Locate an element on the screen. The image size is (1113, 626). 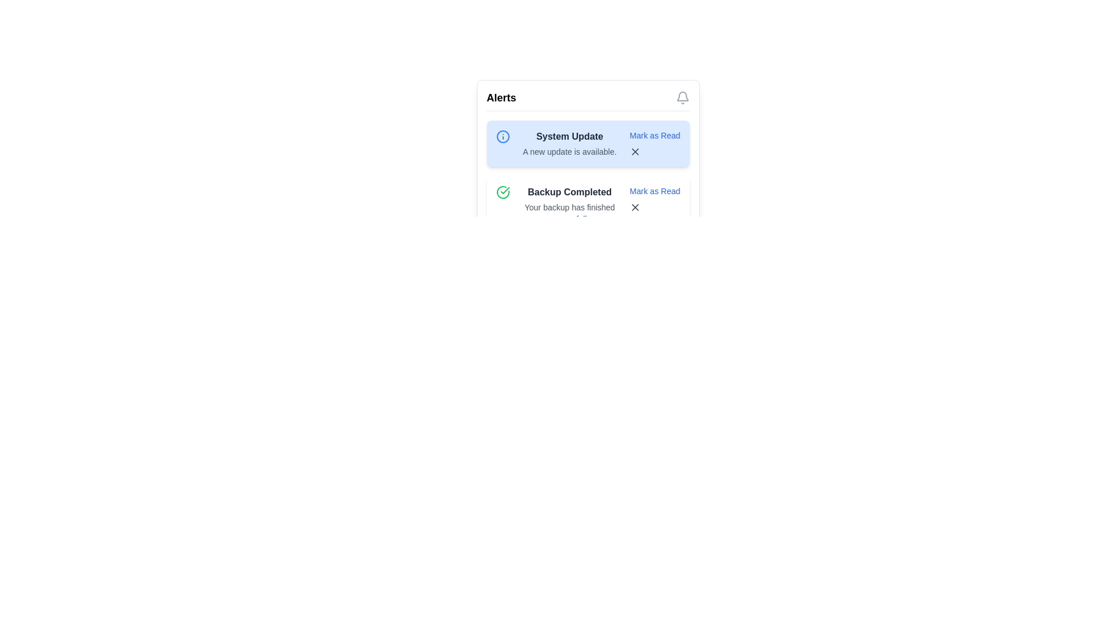
the notification title 'System Update' and its description 'A new update is available.' displayed in the first notification box under the 'Alerts' heading is located at coordinates (569, 143).